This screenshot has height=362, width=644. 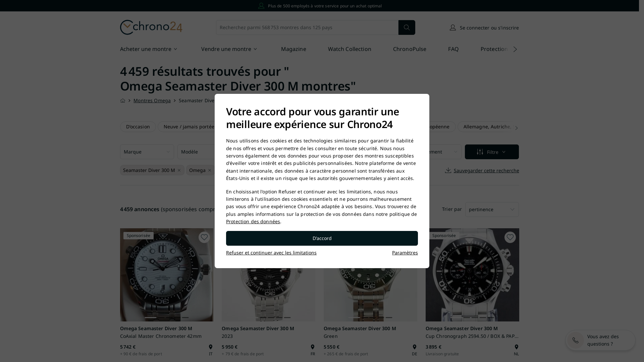 What do you see at coordinates (465, 152) in the screenshot?
I see `'Filtre'` at bounding box center [465, 152].